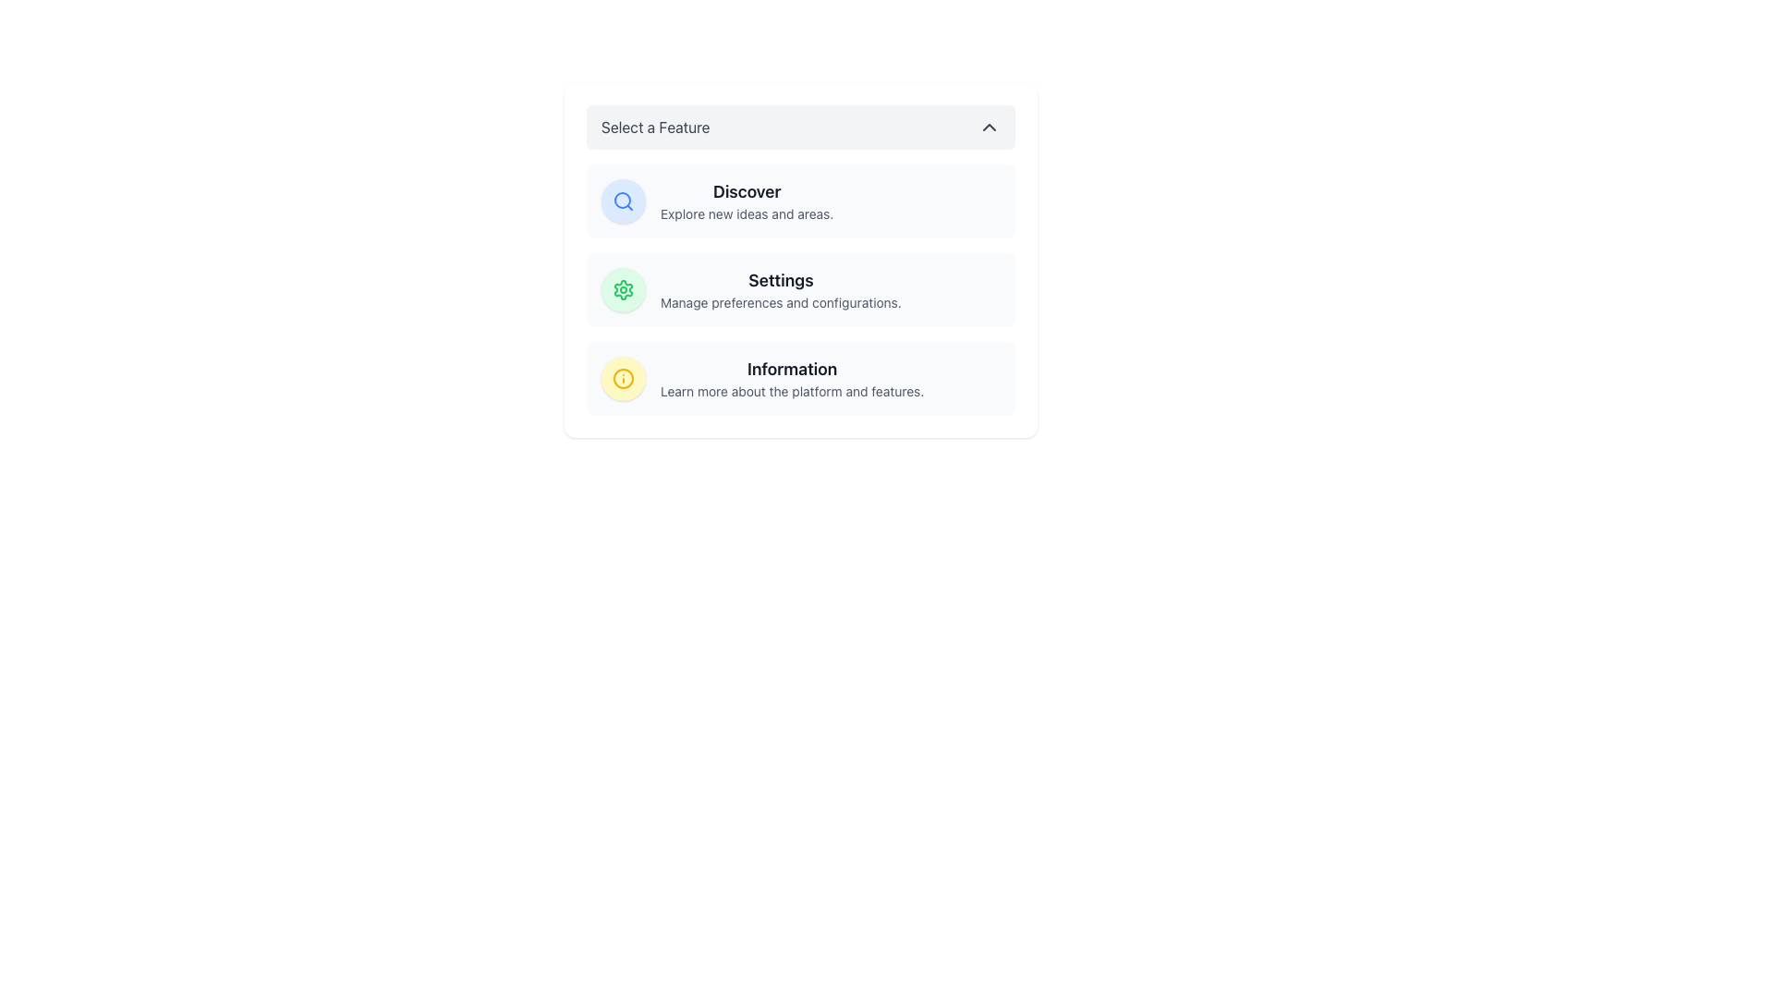 The height and width of the screenshot is (998, 1774). I want to click on text label styled with 'text-sm' and 'text-gray-600' containing the phrase 'Learn more about the platform and features.' located in the 'Information' section below the heading 'Information', so click(792, 391).